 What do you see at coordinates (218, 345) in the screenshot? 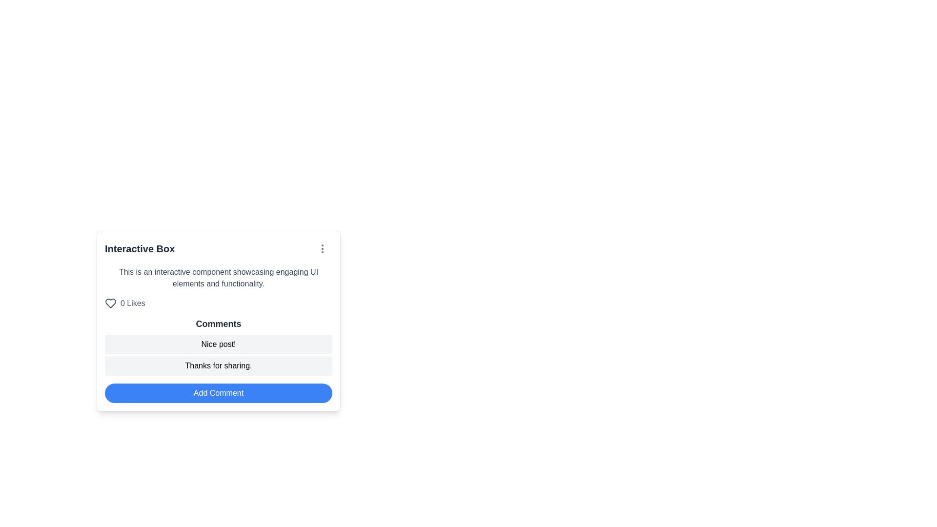
I see `the Comment section within the 'Interactive Box'` at bounding box center [218, 345].